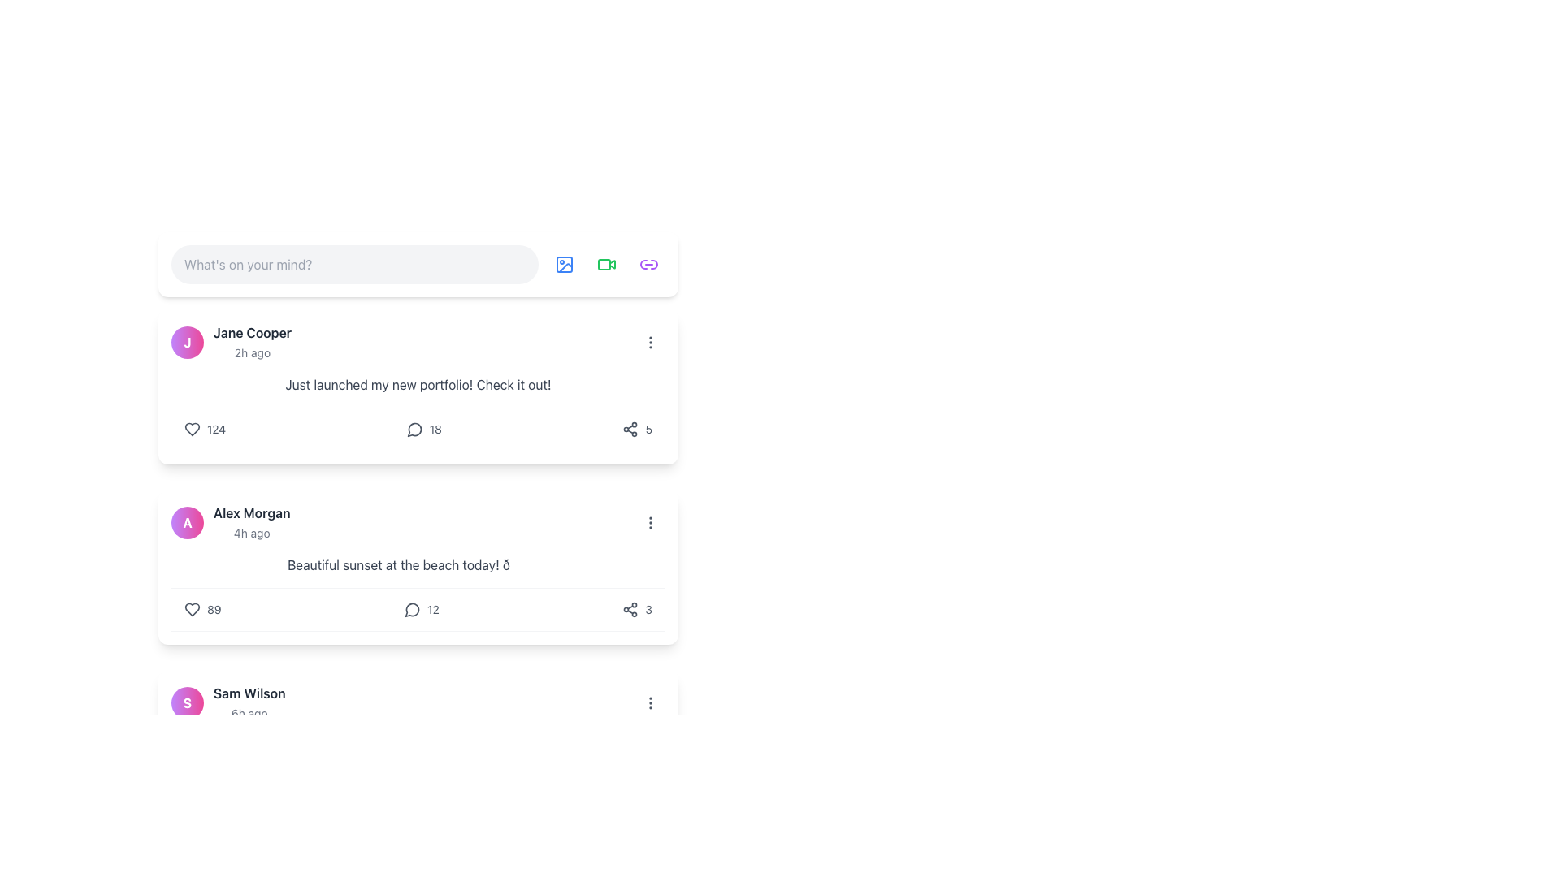 Image resolution: width=1560 pixels, height=877 pixels. Describe the element at coordinates (201, 610) in the screenshot. I see `the like button, which features an outlined gray heart icon followed by the text '89', located at the bottom-left corner of the post by 'Alex Morgan'` at that location.